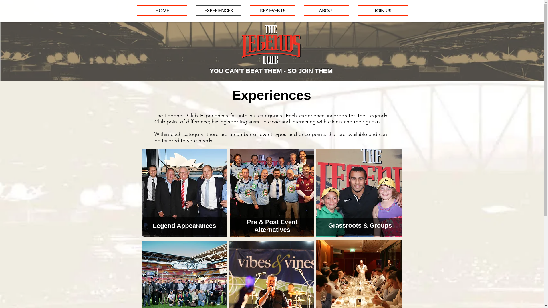 Image resolution: width=548 pixels, height=308 pixels. What do you see at coordinates (327, 11) in the screenshot?
I see `'ABOUT'` at bounding box center [327, 11].